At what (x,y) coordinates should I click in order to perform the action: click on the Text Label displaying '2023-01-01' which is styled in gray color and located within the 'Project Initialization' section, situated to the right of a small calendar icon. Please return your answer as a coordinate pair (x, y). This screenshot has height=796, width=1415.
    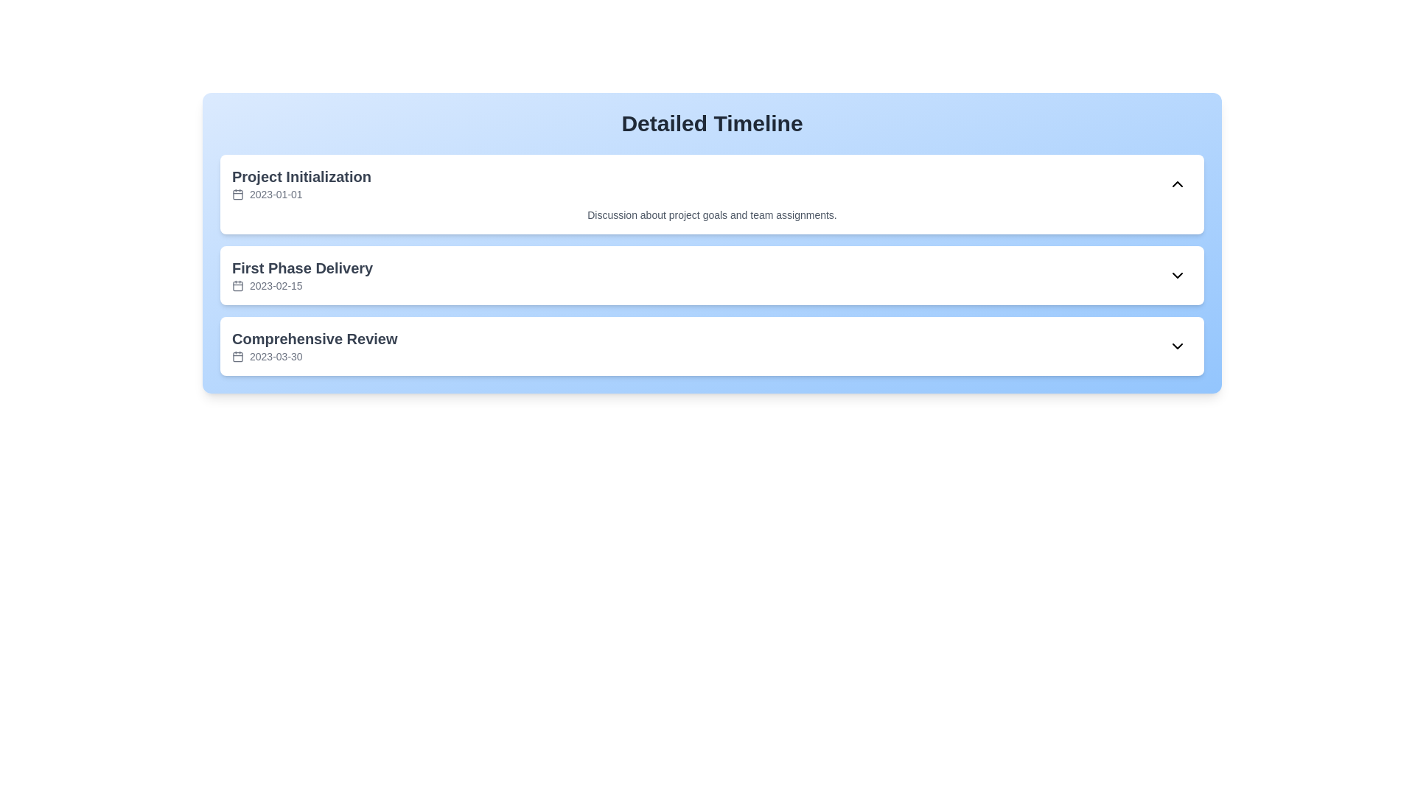
    Looking at the image, I should click on (276, 193).